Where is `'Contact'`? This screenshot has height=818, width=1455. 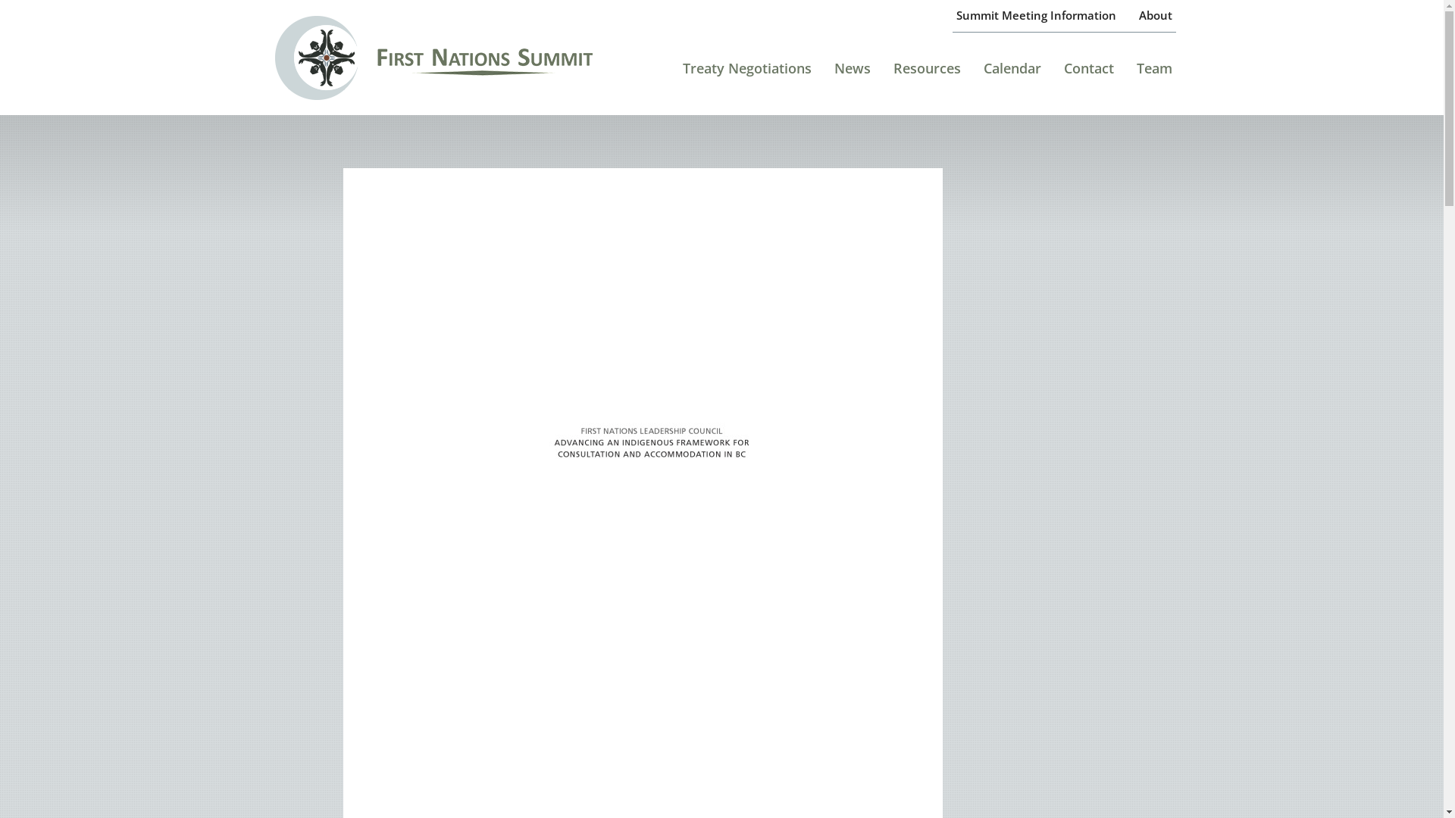 'Contact' is located at coordinates (1087, 73).